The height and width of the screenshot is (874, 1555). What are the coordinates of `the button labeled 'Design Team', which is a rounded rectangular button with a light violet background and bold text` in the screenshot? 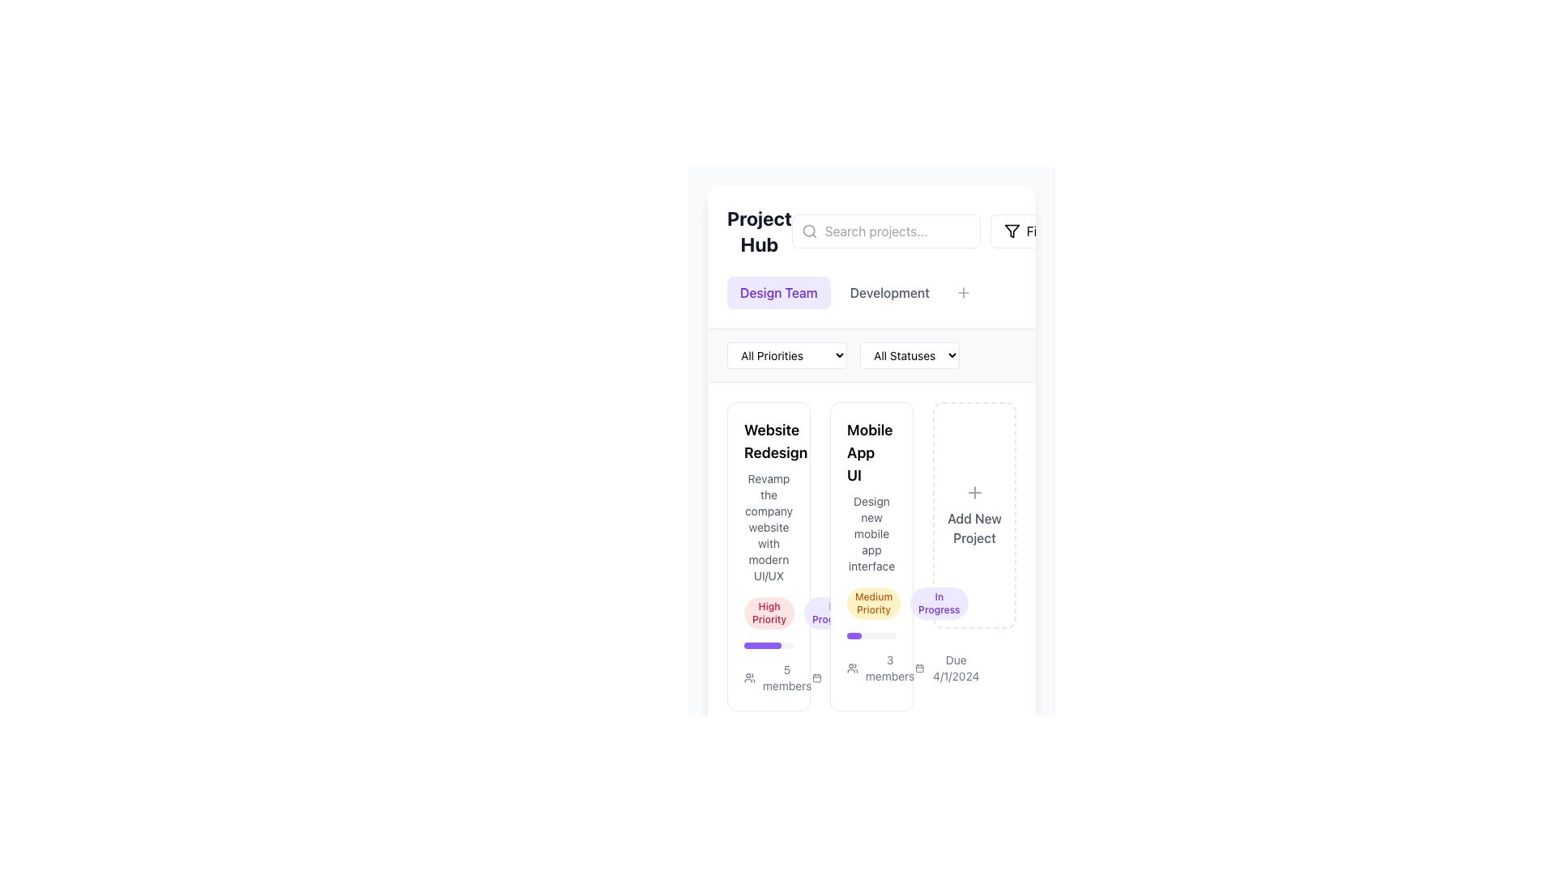 It's located at (778, 293).